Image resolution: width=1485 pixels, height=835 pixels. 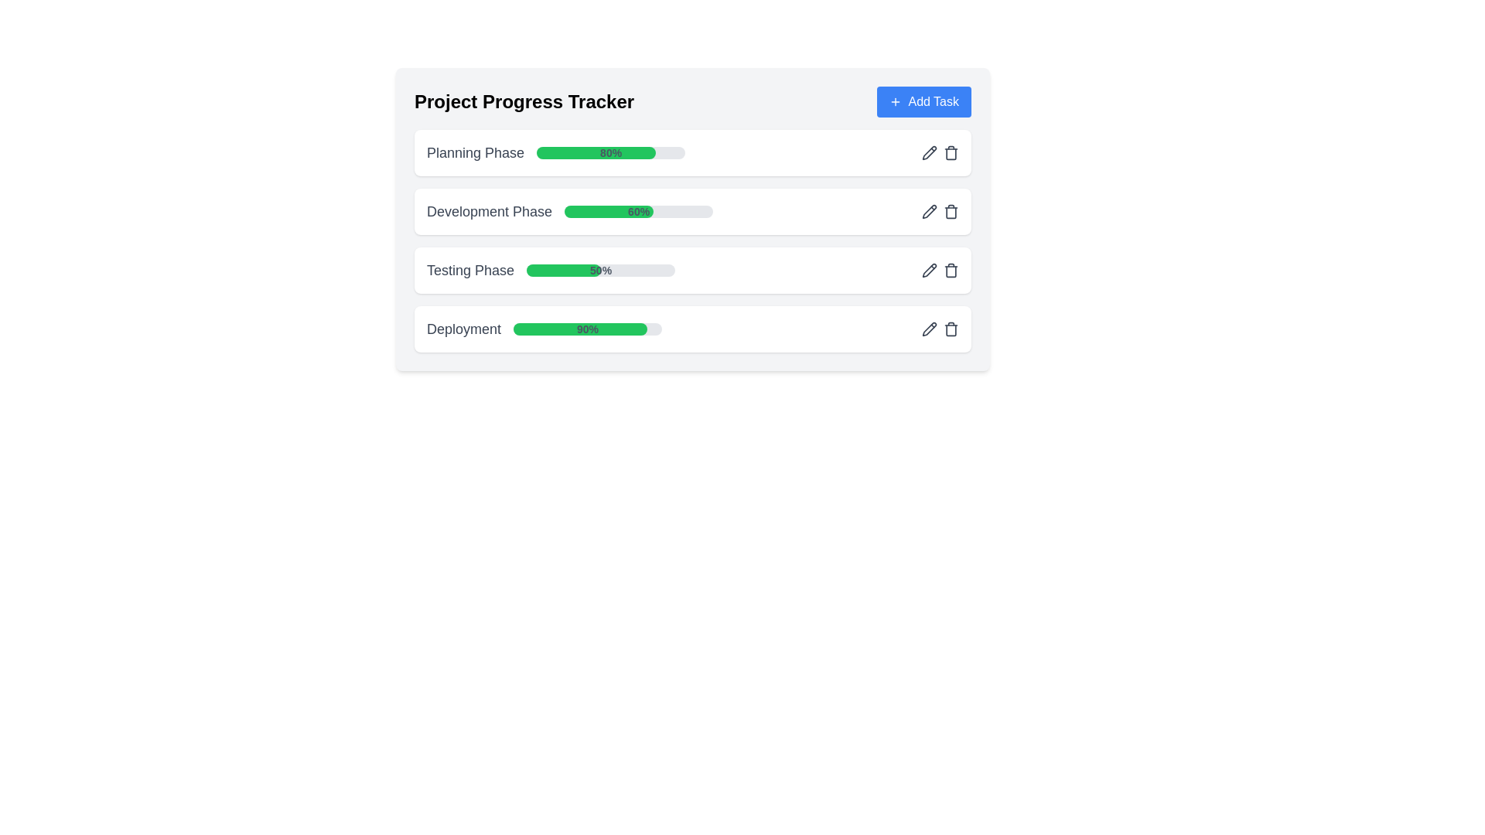 I want to click on the static text label displaying 'Planning Phase', which is located at the top of a vertically stacked list of progress items, so click(x=474, y=152).